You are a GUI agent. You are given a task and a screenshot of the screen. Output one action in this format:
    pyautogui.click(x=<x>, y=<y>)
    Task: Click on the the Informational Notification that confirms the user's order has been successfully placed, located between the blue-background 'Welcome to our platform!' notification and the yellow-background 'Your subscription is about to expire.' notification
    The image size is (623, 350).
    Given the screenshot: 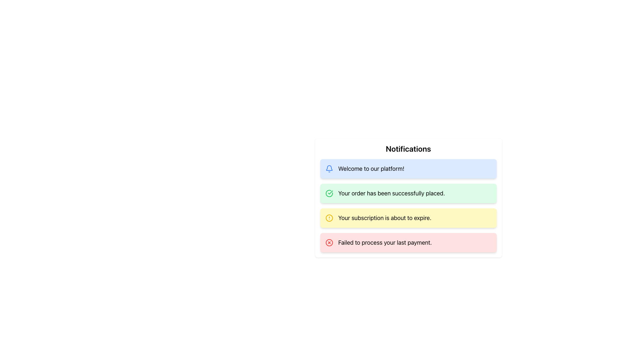 What is the action you would take?
    pyautogui.click(x=408, y=193)
    